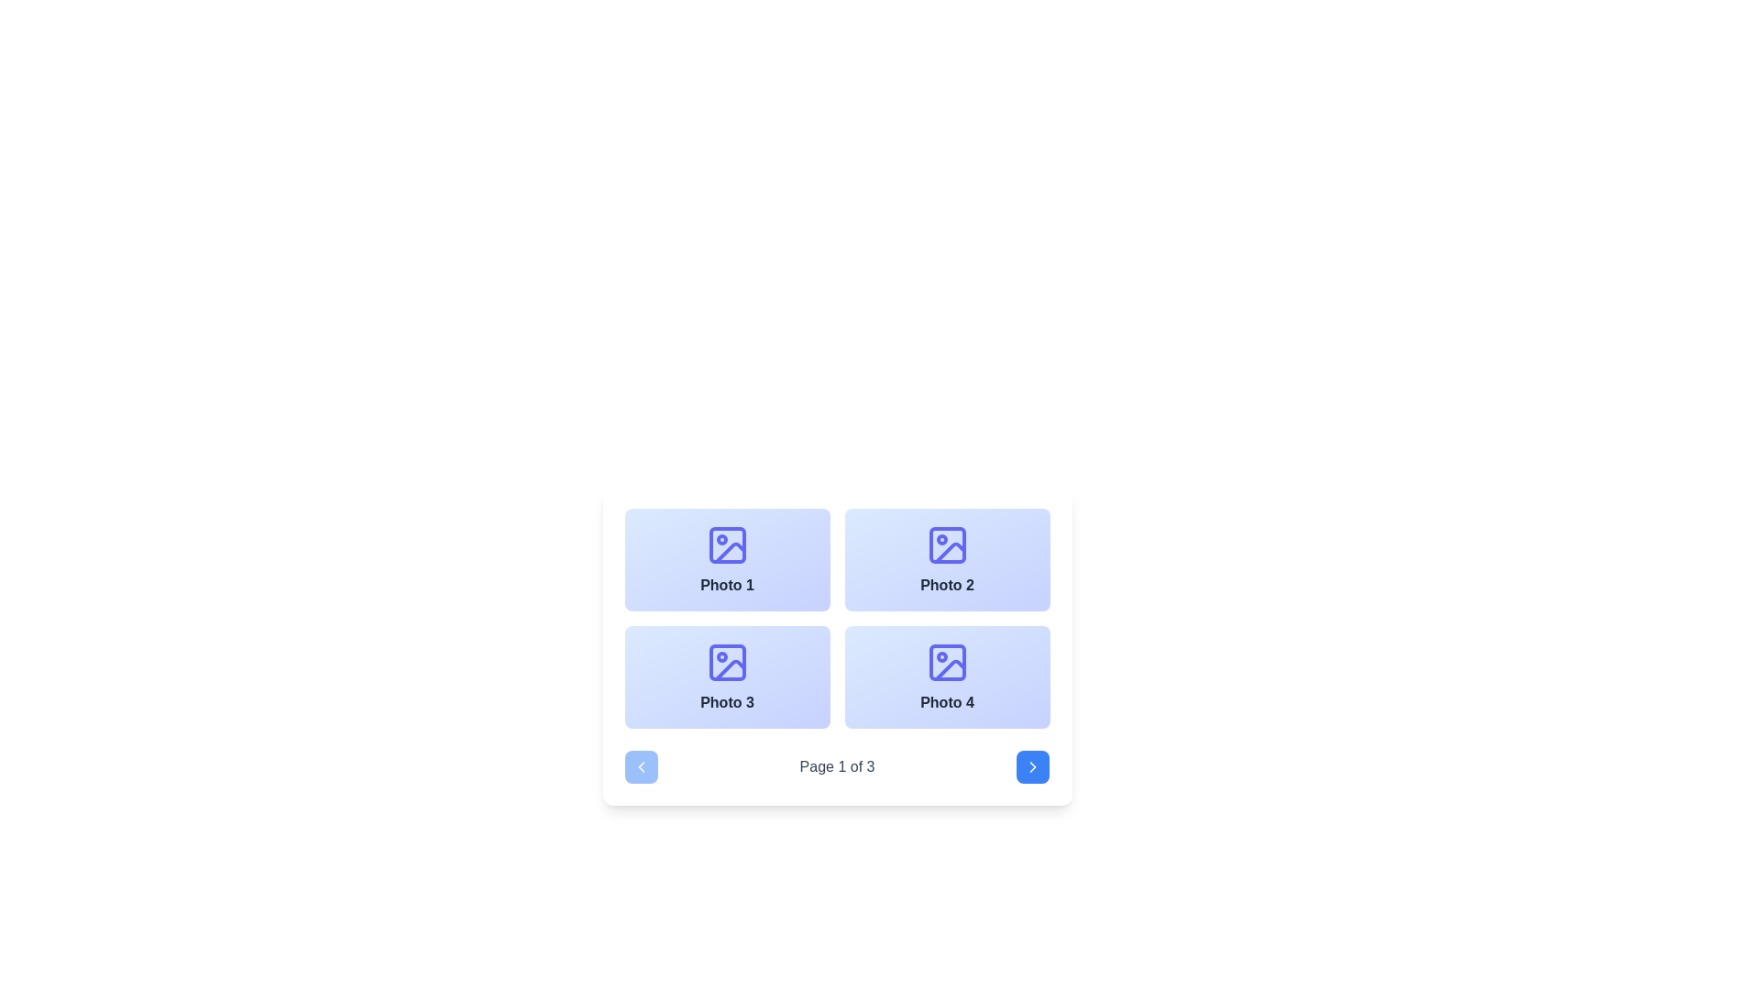 The width and height of the screenshot is (1760, 990). What do you see at coordinates (836, 767) in the screenshot?
I see `the Text Display element that shows 'Page 1 of 3', which is centrally aligned between the left and right chevrons` at bounding box center [836, 767].